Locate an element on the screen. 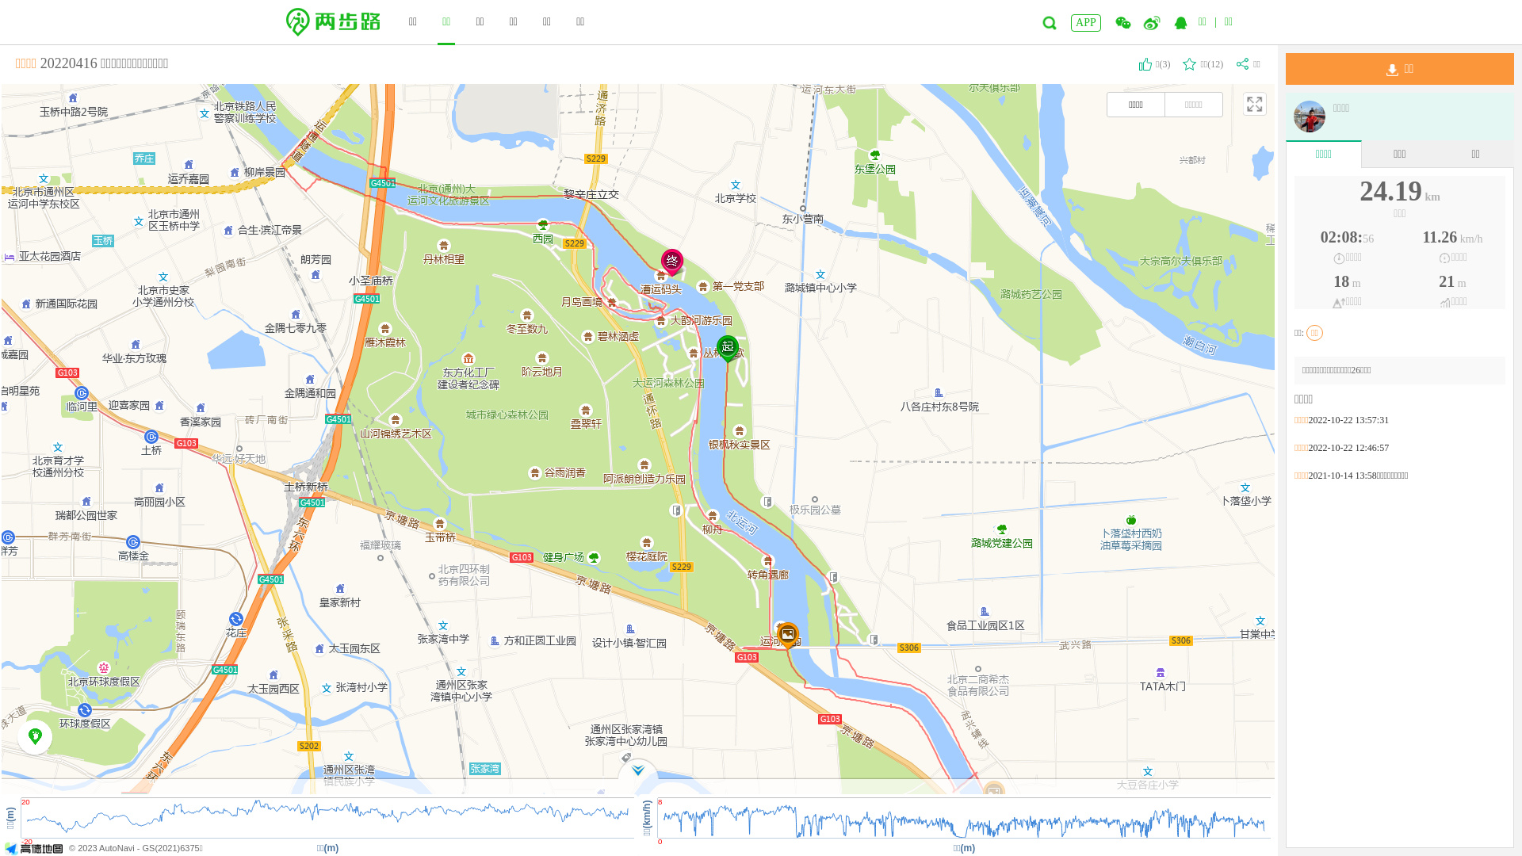 The width and height of the screenshot is (1522, 856). 'APP' is located at coordinates (1084, 23).